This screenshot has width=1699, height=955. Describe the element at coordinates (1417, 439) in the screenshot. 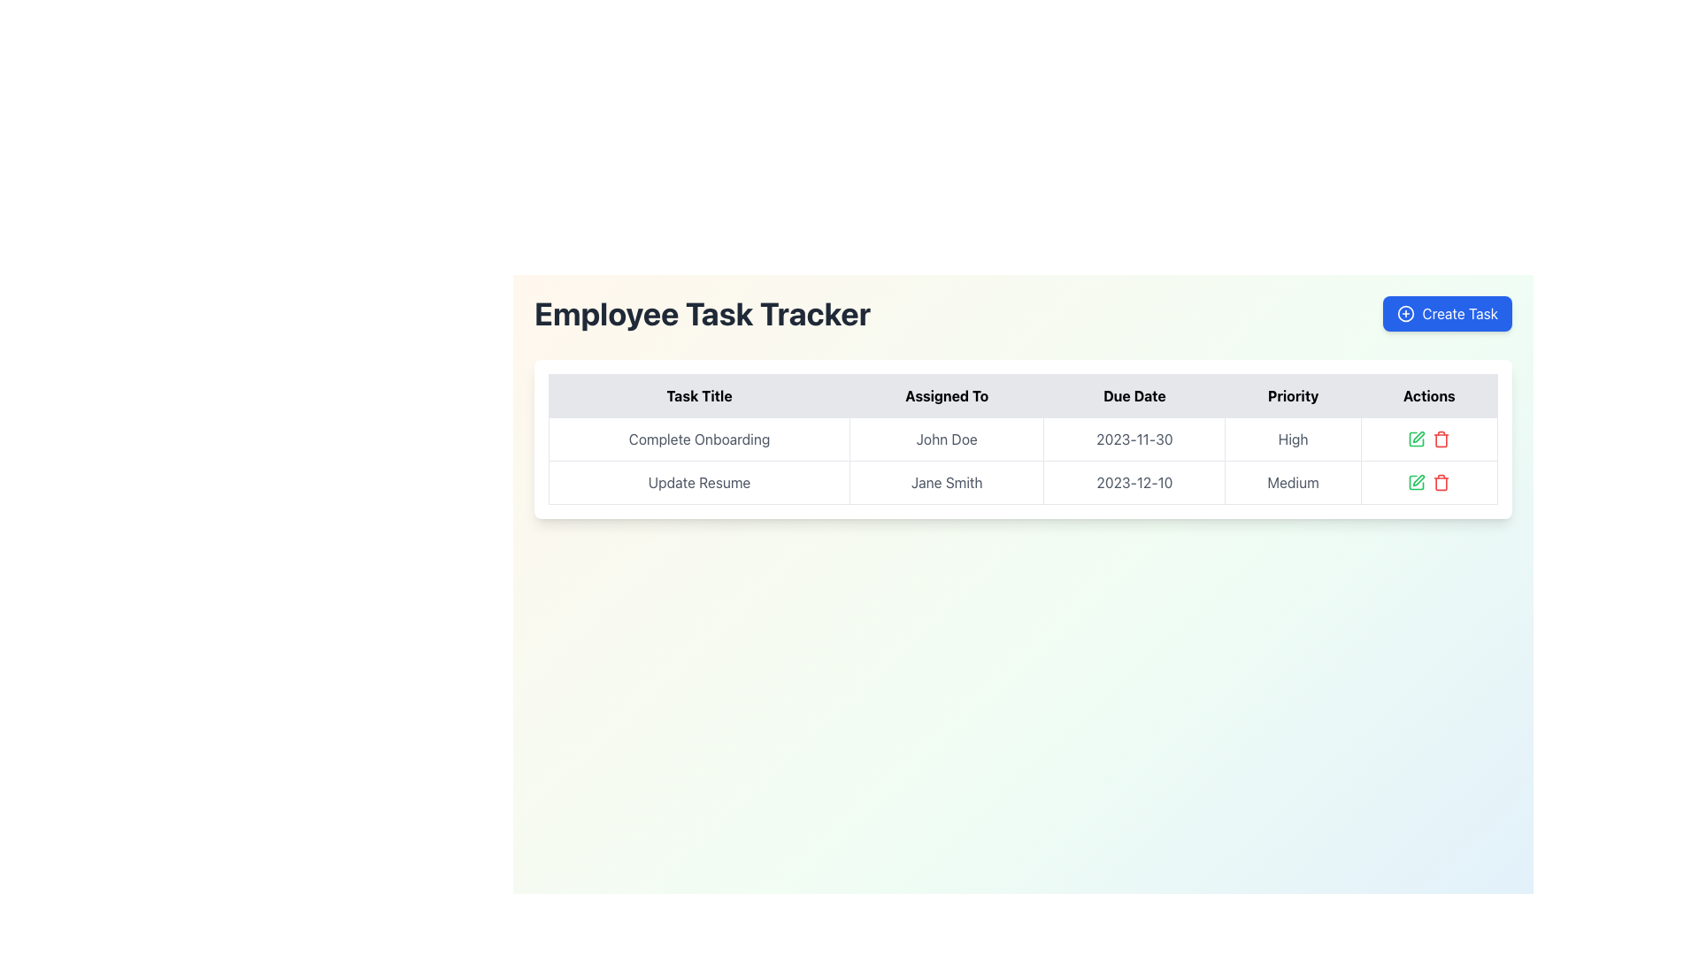

I see `the green pen icon in the 'Actions' column of the second row of the table` at that location.